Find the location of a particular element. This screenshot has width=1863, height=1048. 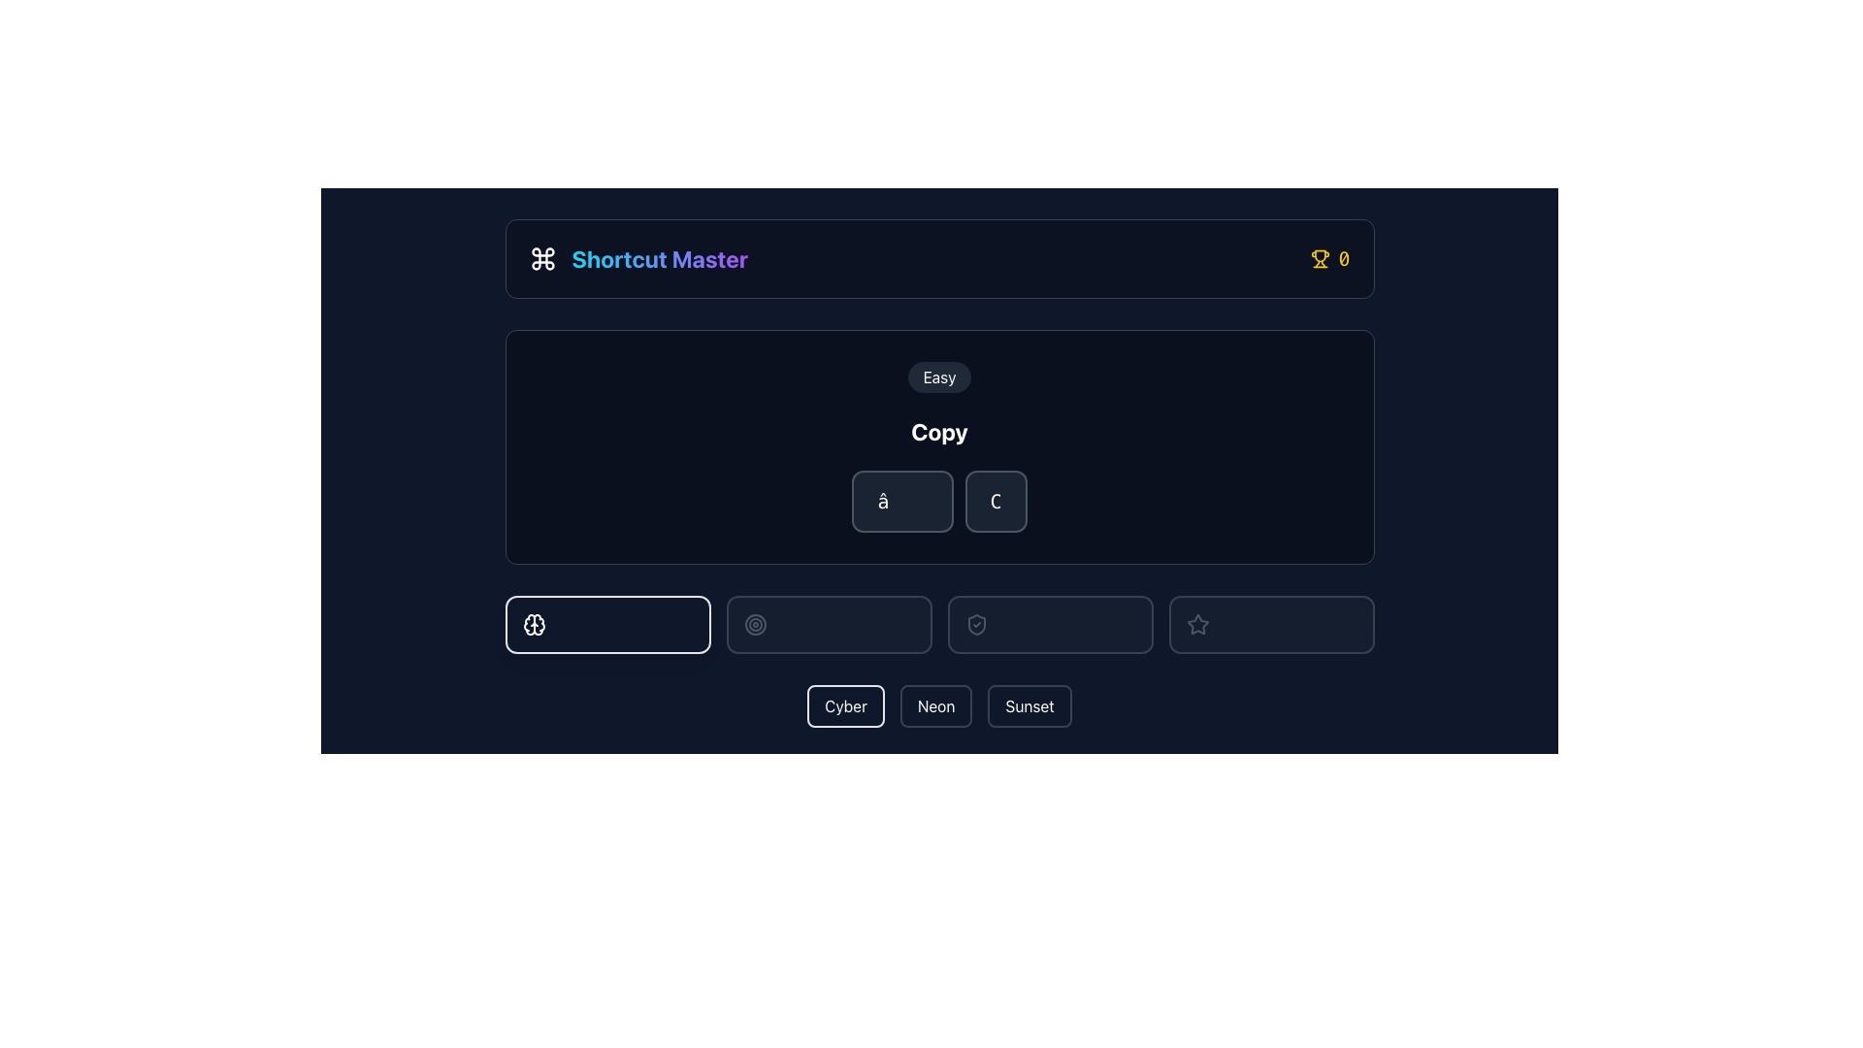

the text label displaying a numeric value representing a score or count, which is positioned to the right of the trophy icon at the top-right corner of the interface is located at coordinates (1343, 257).